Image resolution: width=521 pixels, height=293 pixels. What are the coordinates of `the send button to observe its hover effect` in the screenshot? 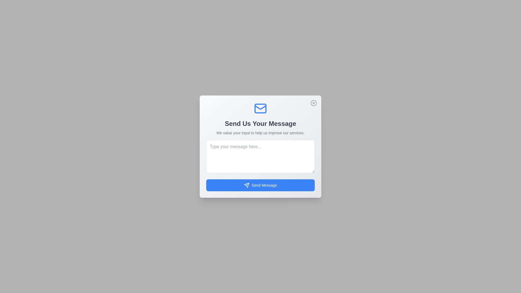 It's located at (260, 185).